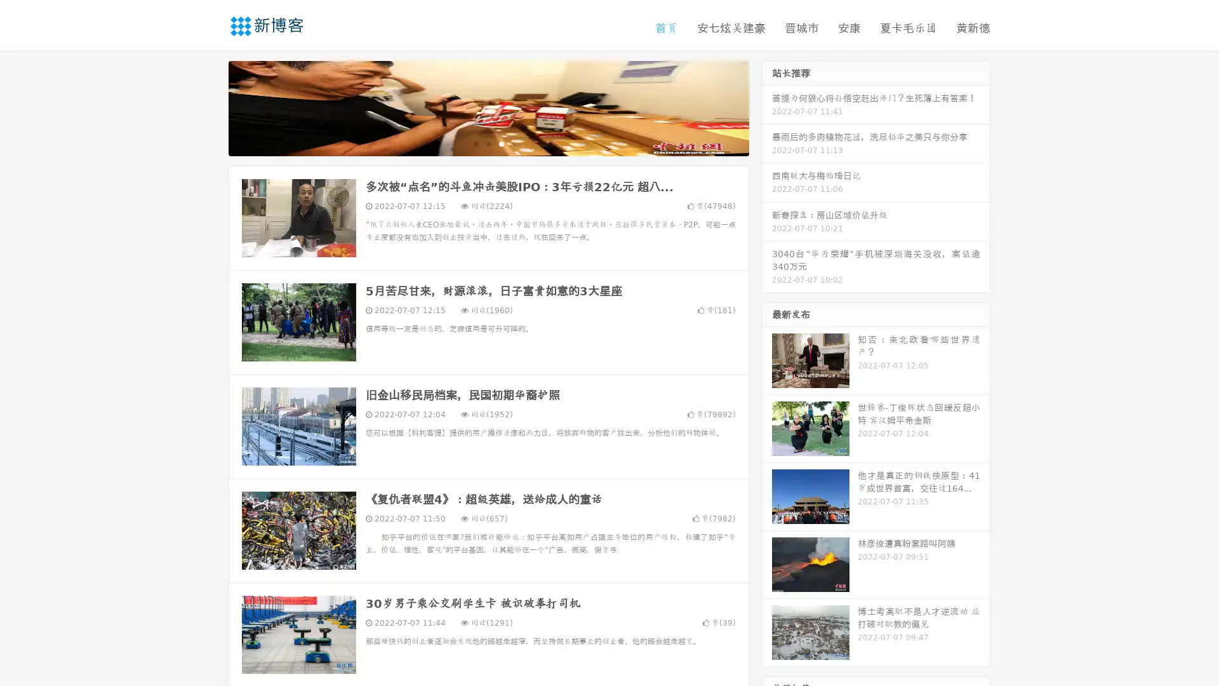  I want to click on Go to slide 3, so click(501, 143).